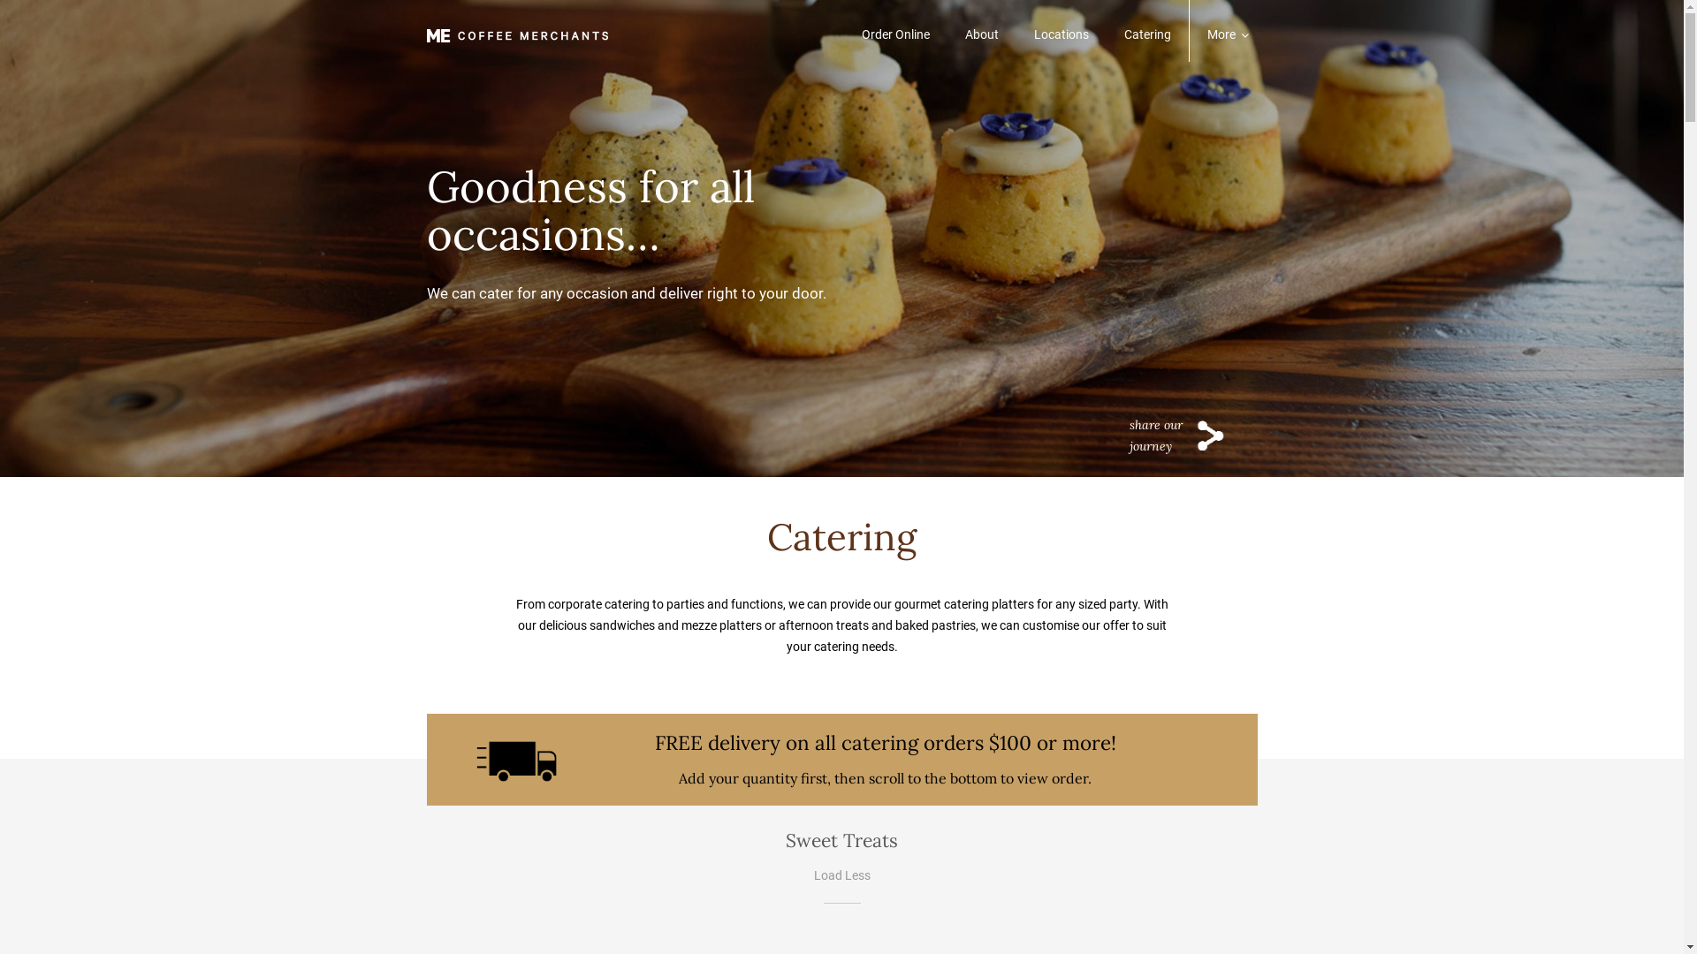  I want to click on 'About', so click(980, 34).